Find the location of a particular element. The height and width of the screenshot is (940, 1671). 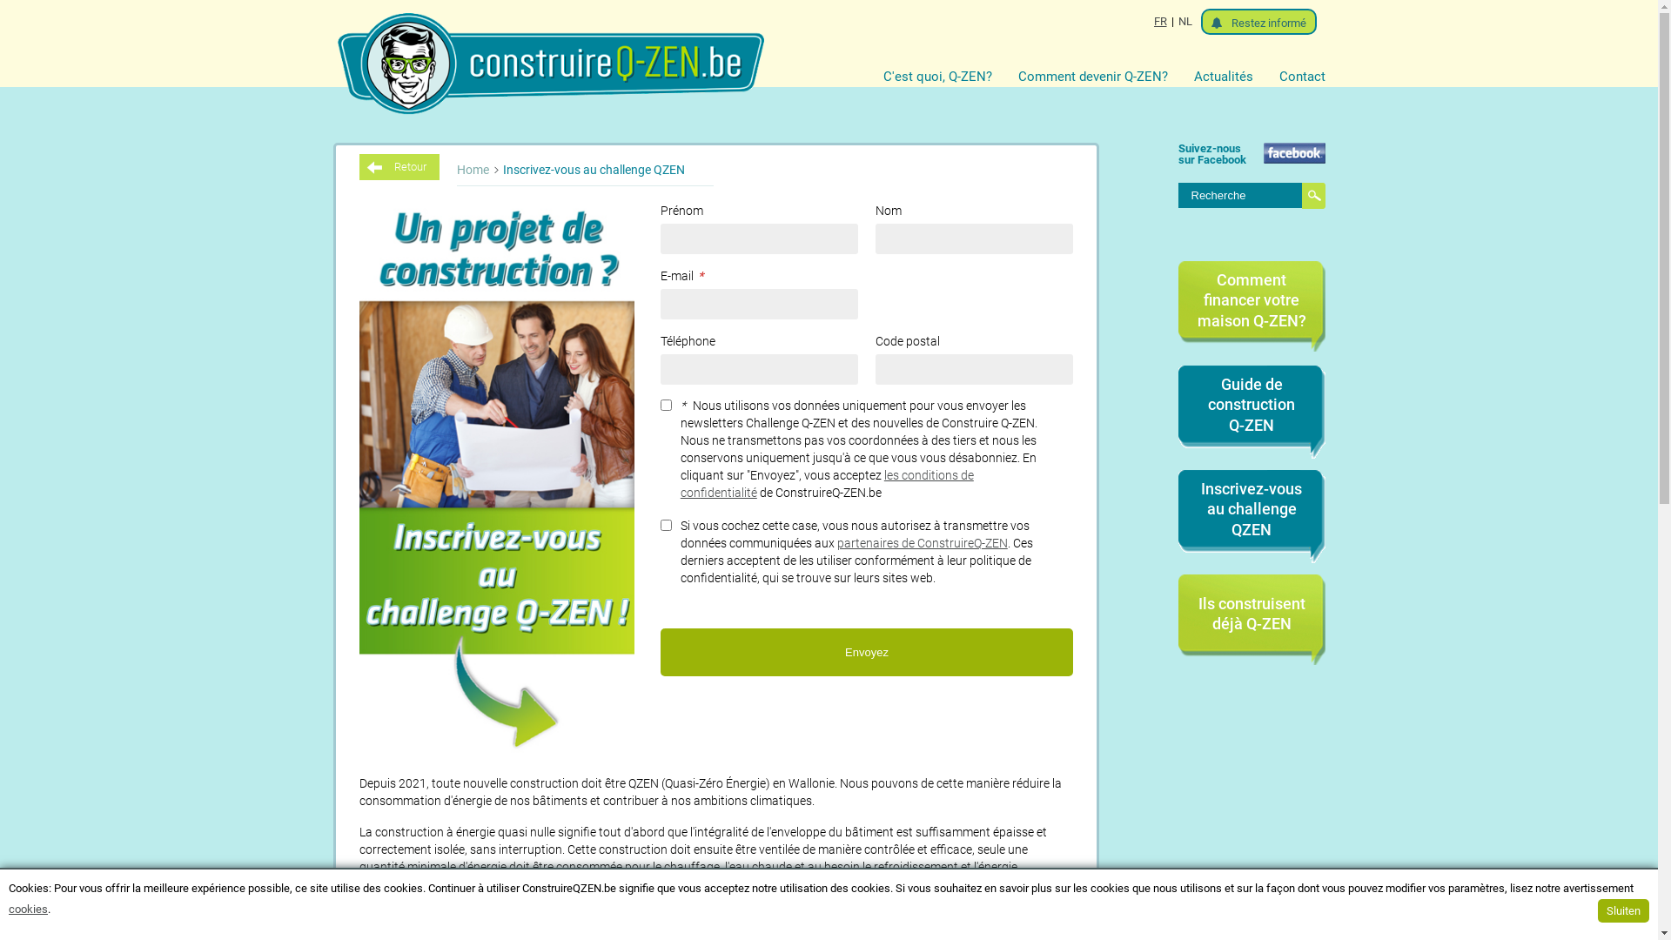

'Suivez-nous is located at coordinates (1251, 153).